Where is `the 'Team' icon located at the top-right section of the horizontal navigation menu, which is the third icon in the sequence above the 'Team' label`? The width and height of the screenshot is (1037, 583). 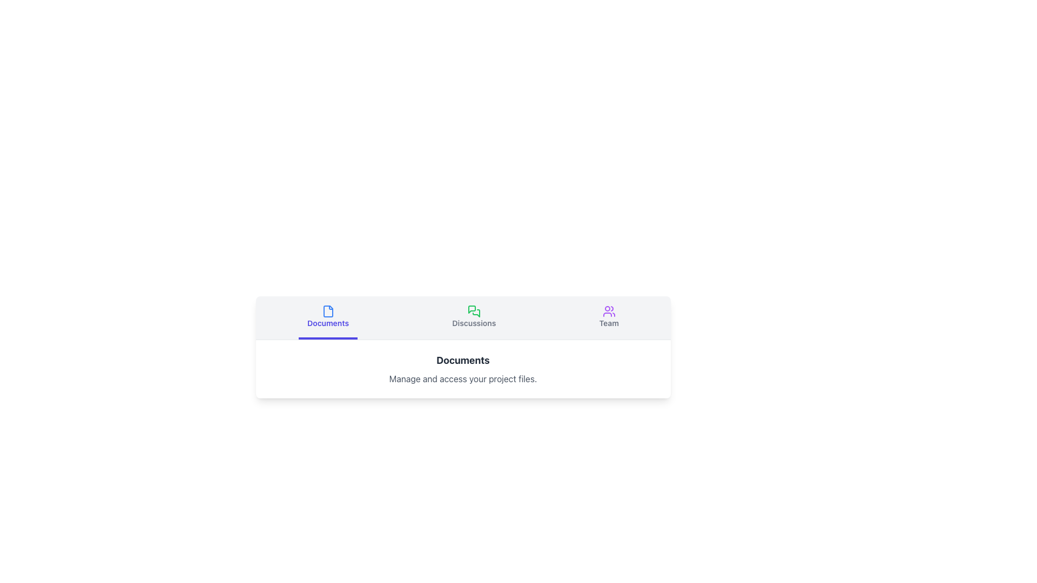 the 'Team' icon located at the top-right section of the horizontal navigation menu, which is the third icon in the sequence above the 'Team' label is located at coordinates (609, 311).